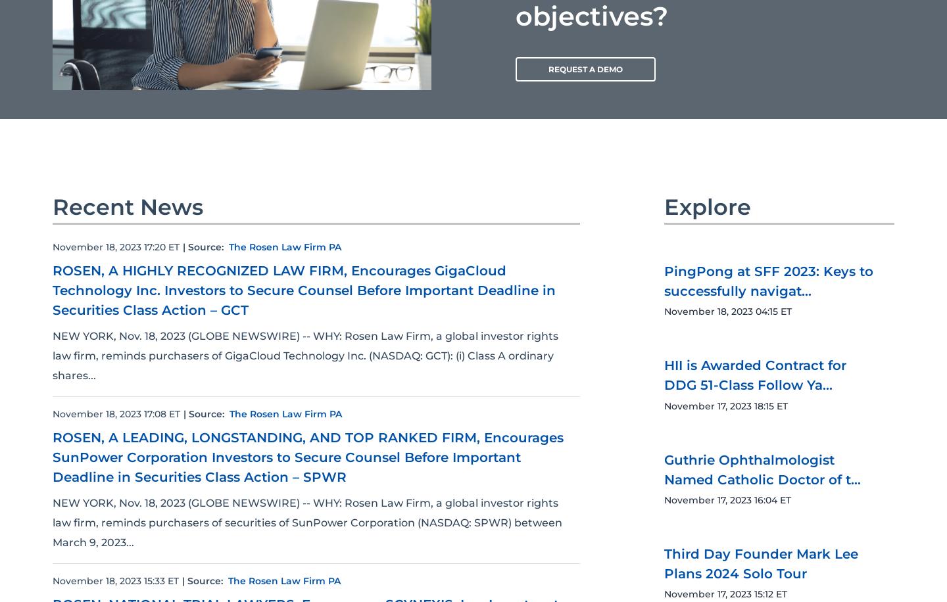 The width and height of the screenshot is (947, 602). I want to click on 'November 17, 2023 16:04 ET', so click(727, 499).